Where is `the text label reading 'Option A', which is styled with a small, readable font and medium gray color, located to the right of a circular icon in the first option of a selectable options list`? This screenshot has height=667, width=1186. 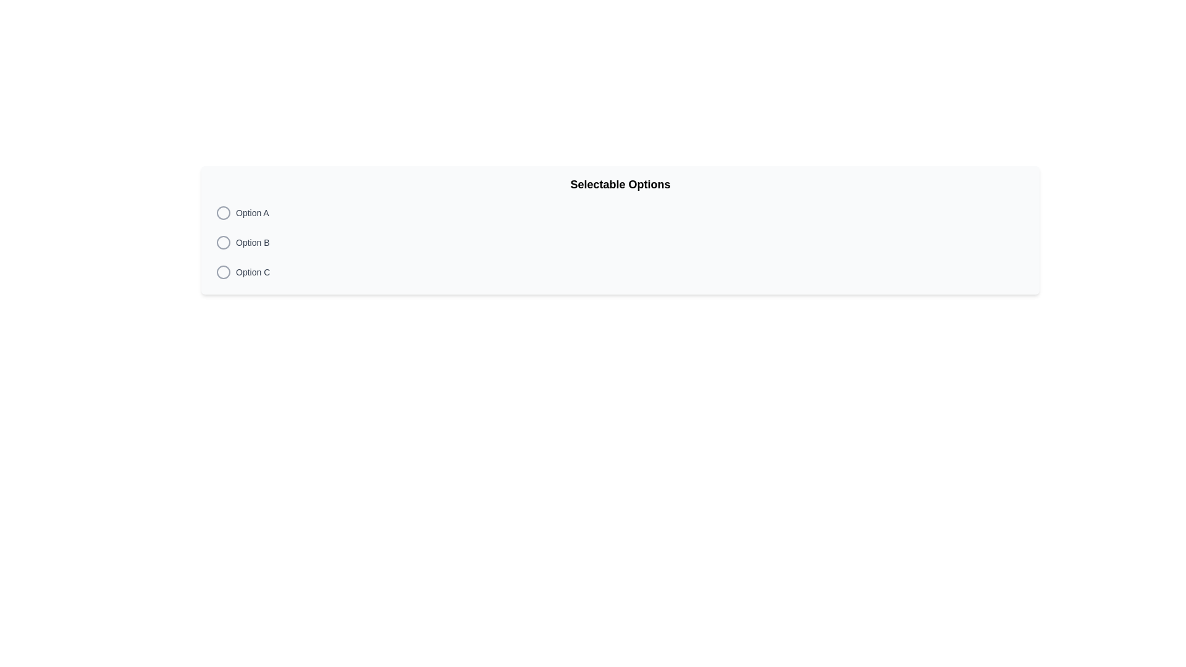 the text label reading 'Option A', which is styled with a small, readable font and medium gray color, located to the right of a circular icon in the first option of a selectable options list is located at coordinates (251, 212).